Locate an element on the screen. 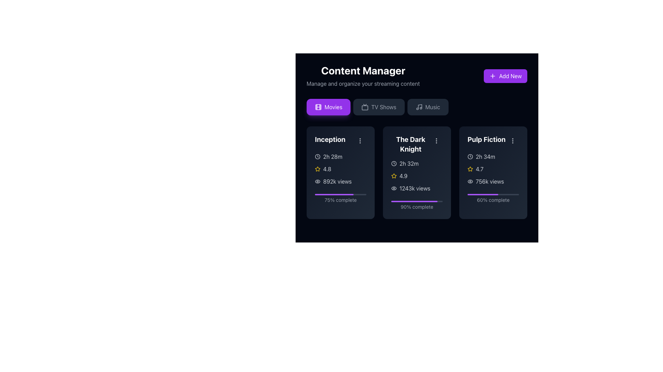  the music icon button located is located at coordinates (420, 106).